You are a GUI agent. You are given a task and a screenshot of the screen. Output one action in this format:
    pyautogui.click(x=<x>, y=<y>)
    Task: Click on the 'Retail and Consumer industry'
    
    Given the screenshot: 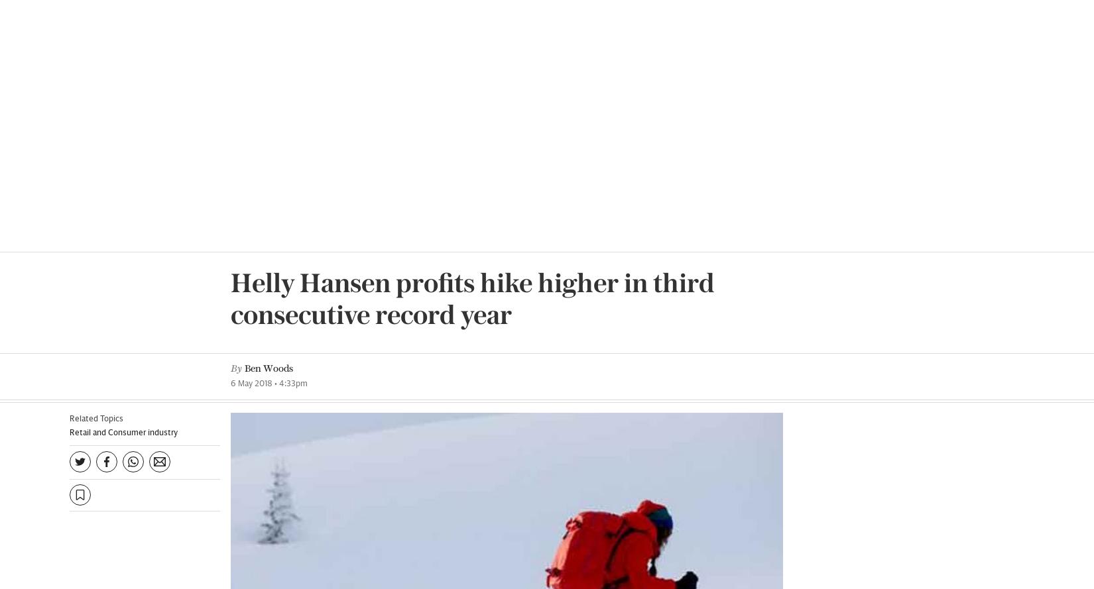 What is the action you would take?
    pyautogui.click(x=123, y=23)
    